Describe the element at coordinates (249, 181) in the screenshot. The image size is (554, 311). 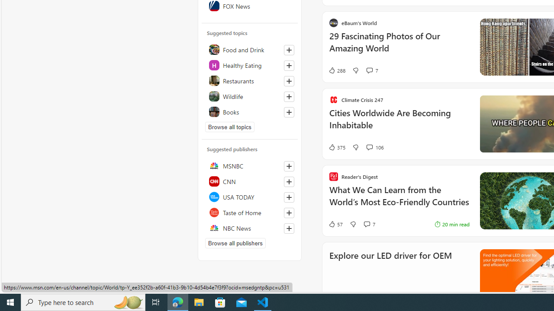
I see `'CNN'` at that location.